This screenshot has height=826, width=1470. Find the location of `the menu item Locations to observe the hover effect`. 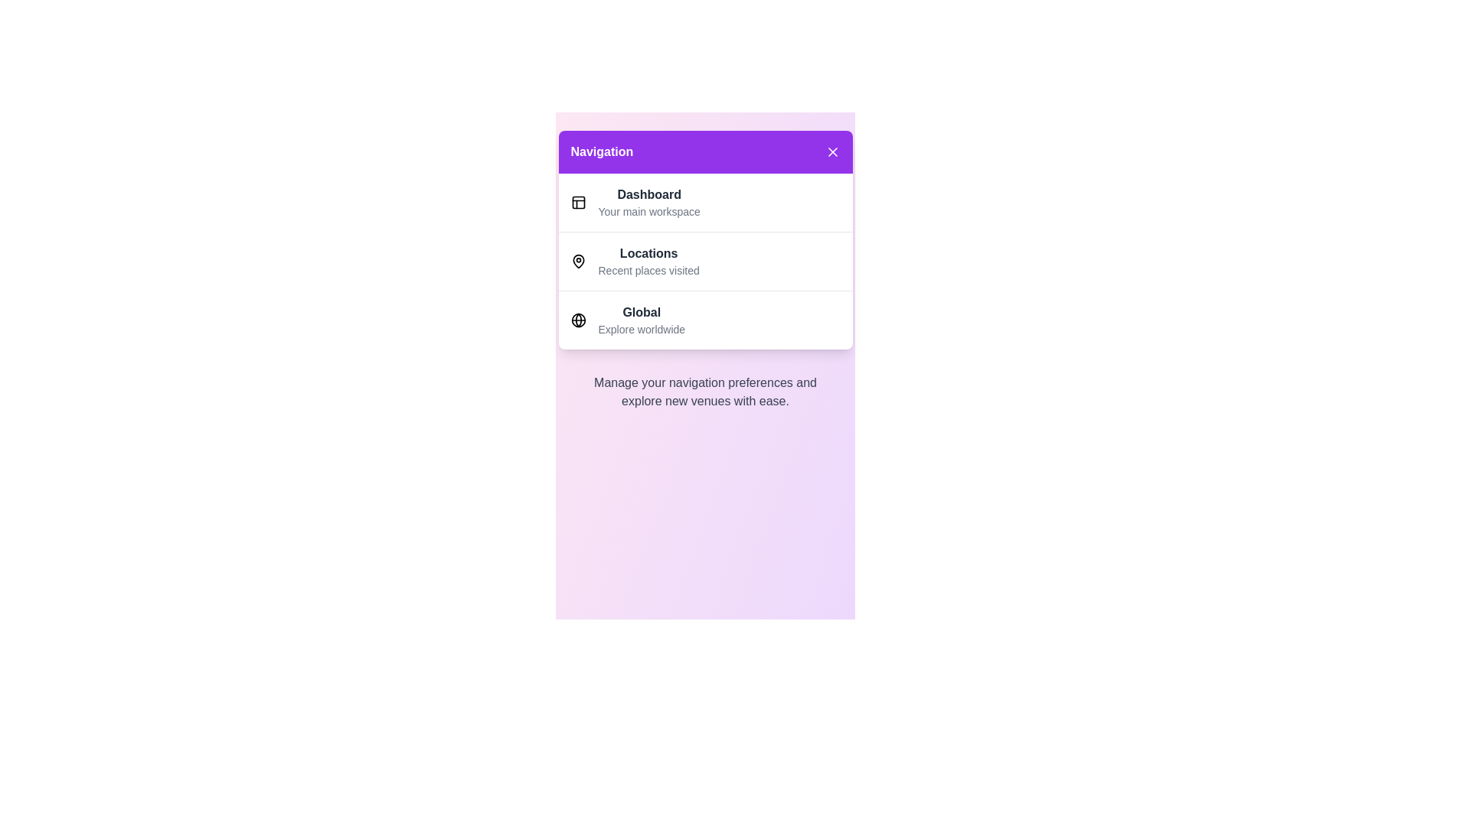

the menu item Locations to observe the hover effect is located at coordinates (704, 260).